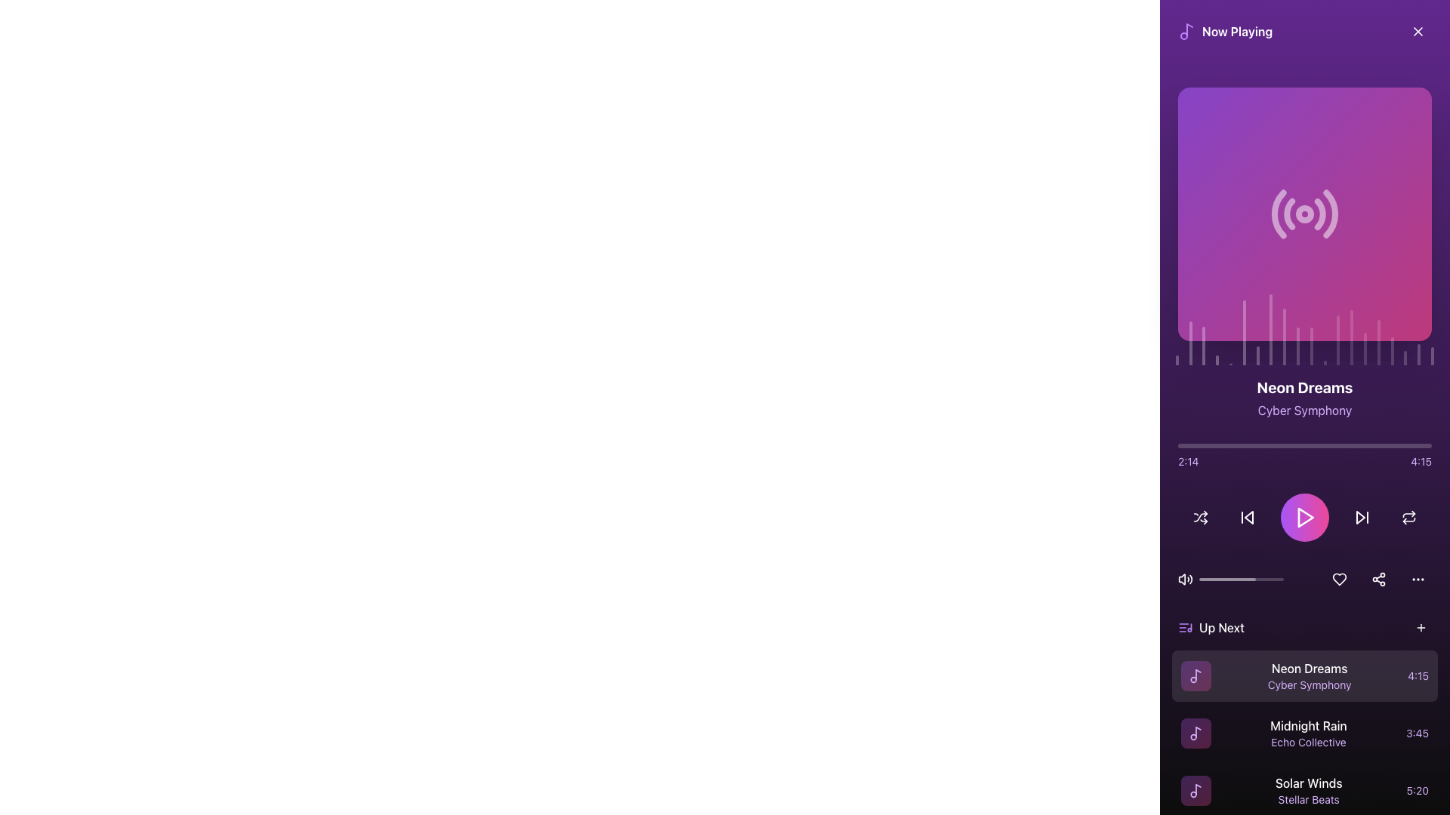 Image resolution: width=1450 pixels, height=815 pixels. Describe the element at coordinates (1378, 578) in the screenshot. I see `the share icon button located near the bottom-right side of the panel interface to initiate sharing of the currently playing media` at that location.